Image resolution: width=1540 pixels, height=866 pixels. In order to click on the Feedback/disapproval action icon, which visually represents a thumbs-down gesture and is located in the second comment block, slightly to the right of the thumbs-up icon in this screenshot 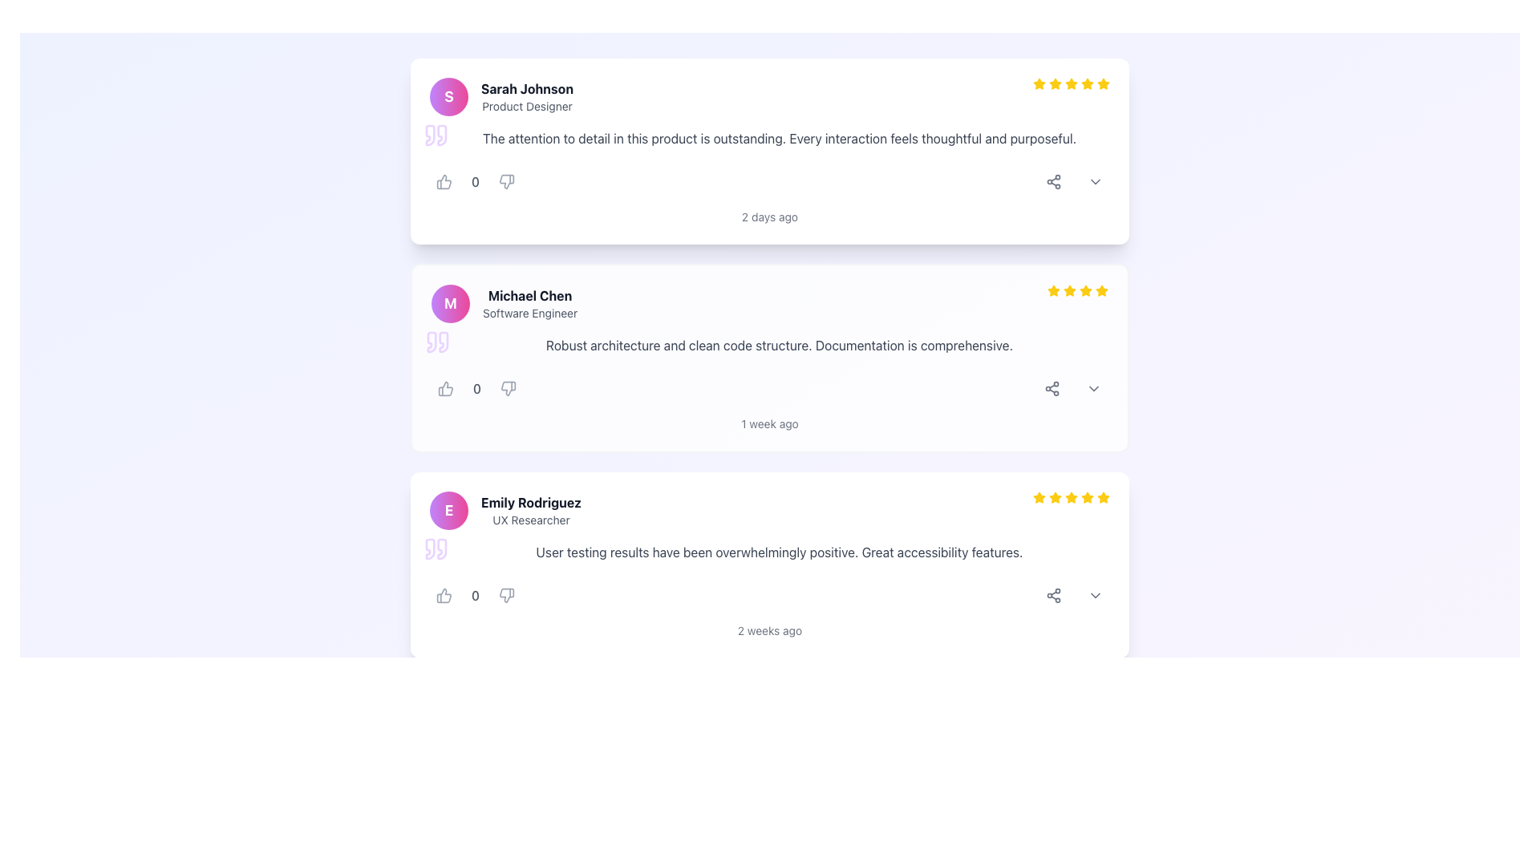, I will do `click(507, 389)`.